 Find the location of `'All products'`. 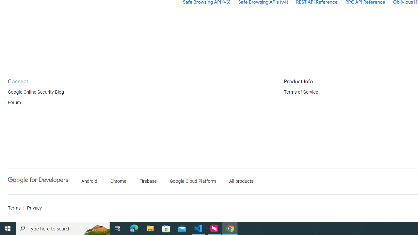

'All products' is located at coordinates (241, 181).